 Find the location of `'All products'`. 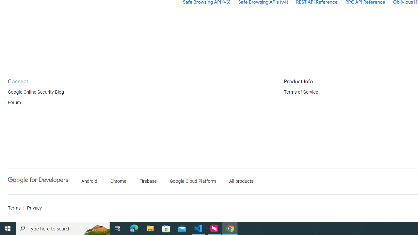

'All products' is located at coordinates (241, 181).